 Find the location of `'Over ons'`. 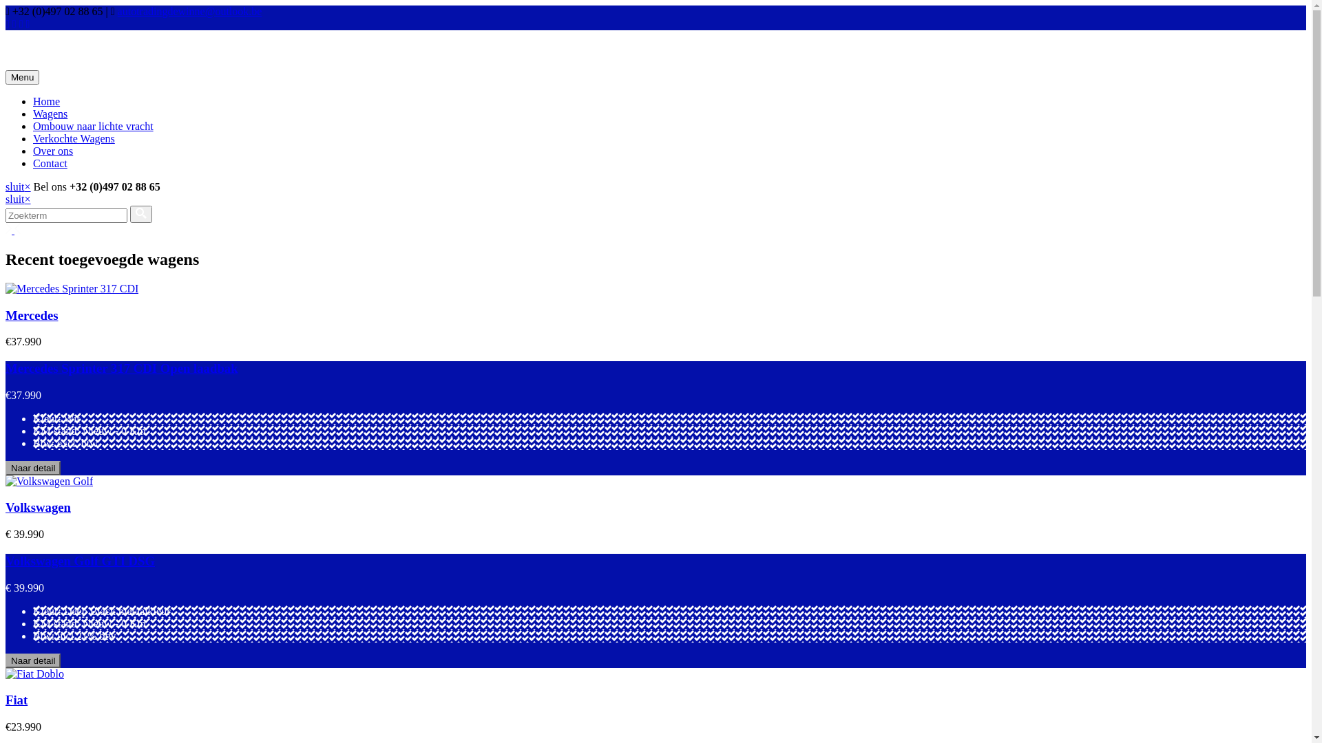

'Over ons' is located at coordinates (52, 151).